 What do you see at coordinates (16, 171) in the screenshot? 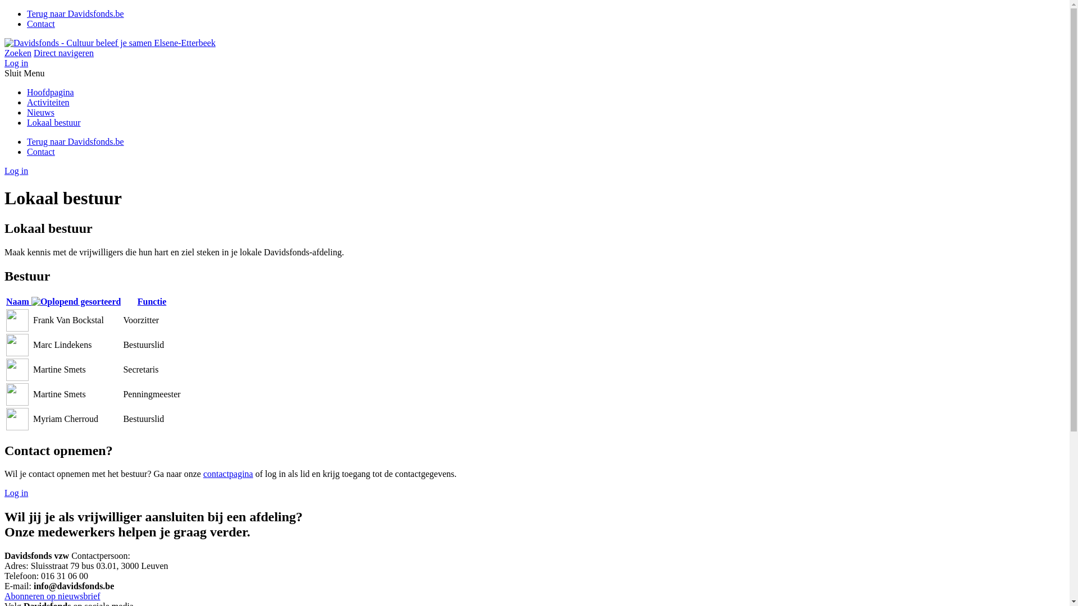
I see `'Log in'` at bounding box center [16, 171].